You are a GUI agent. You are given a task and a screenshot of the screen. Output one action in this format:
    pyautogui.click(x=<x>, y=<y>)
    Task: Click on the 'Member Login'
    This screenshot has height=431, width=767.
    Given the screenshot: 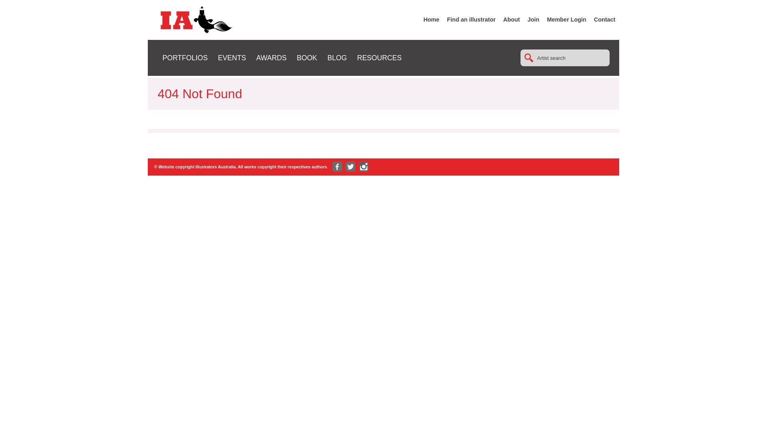 What is the action you would take?
    pyautogui.click(x=566, y=19)
    